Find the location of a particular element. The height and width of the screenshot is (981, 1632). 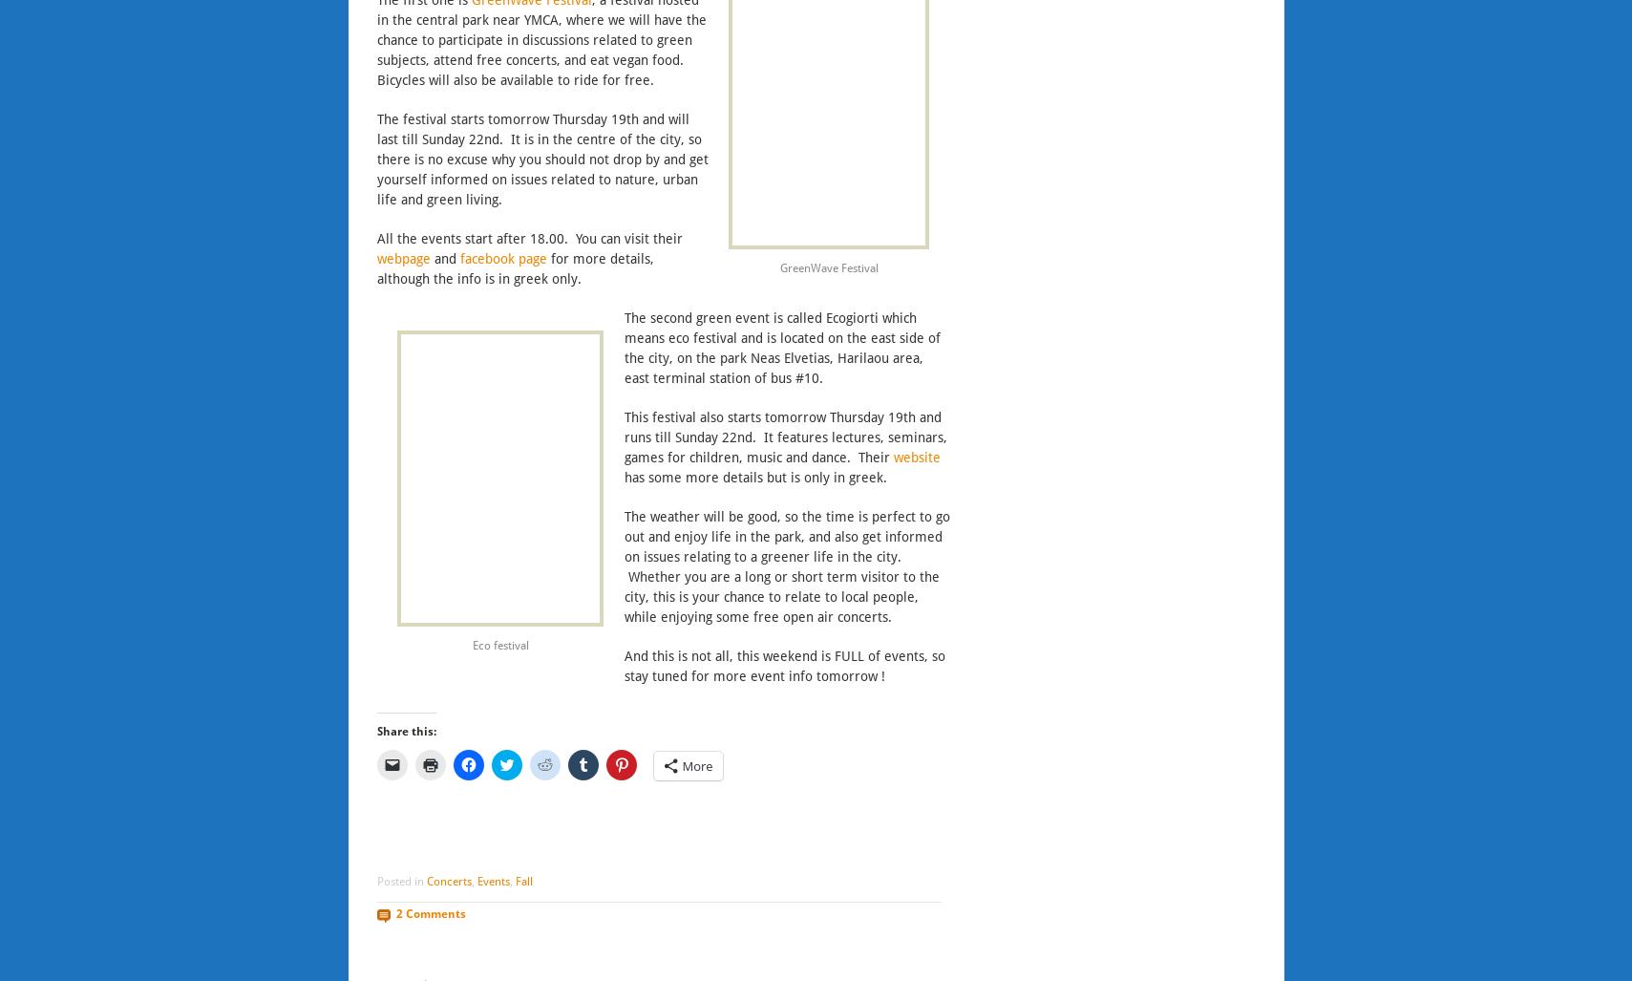

'Fall' is located at coordinates (522, 881).